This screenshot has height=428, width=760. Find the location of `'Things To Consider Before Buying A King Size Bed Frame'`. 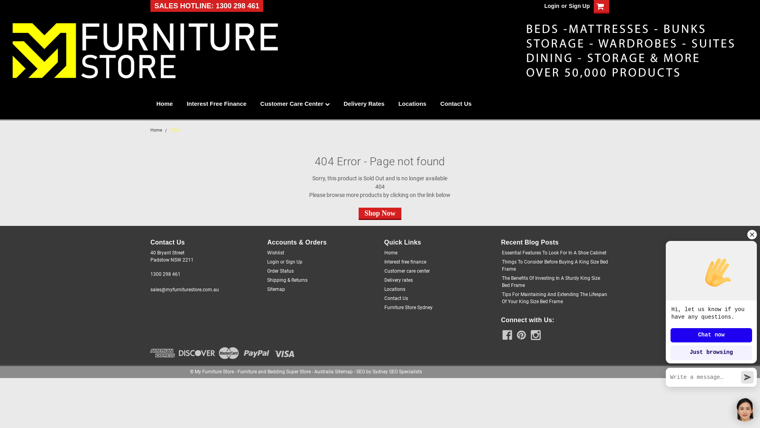

'Things To Consider Before Buying A King Size Bed Frame' is located at coordinates (501, 266).